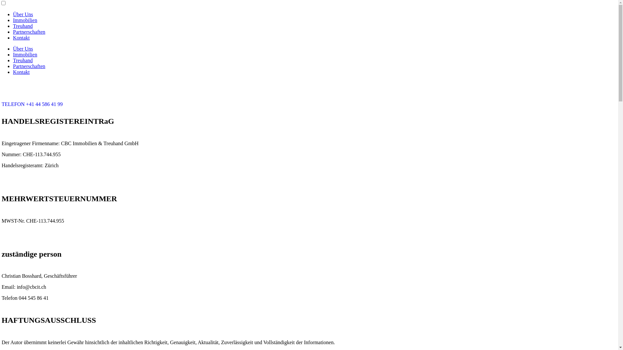 This screenshot has height=350, width=623. Describe the element at coordinates (23, 60) in the screenshot. I see `'Treuhand'` at that location.